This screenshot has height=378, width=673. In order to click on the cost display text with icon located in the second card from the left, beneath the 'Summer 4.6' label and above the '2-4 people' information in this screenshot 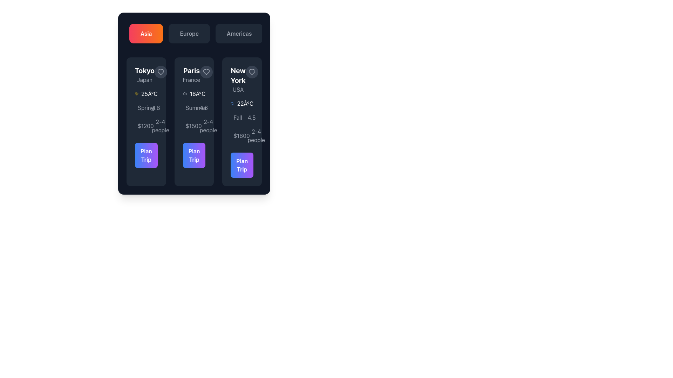, I will do `click(187, 125)`.